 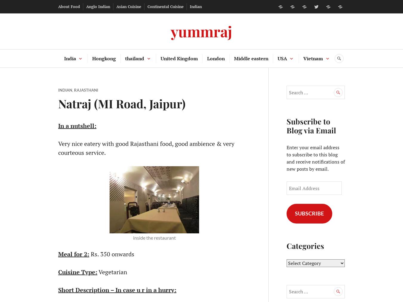 What do you see at coordinates (104, 58) in the screenshot?
I see `'Hongkong'` at bounding box center [104, 58].